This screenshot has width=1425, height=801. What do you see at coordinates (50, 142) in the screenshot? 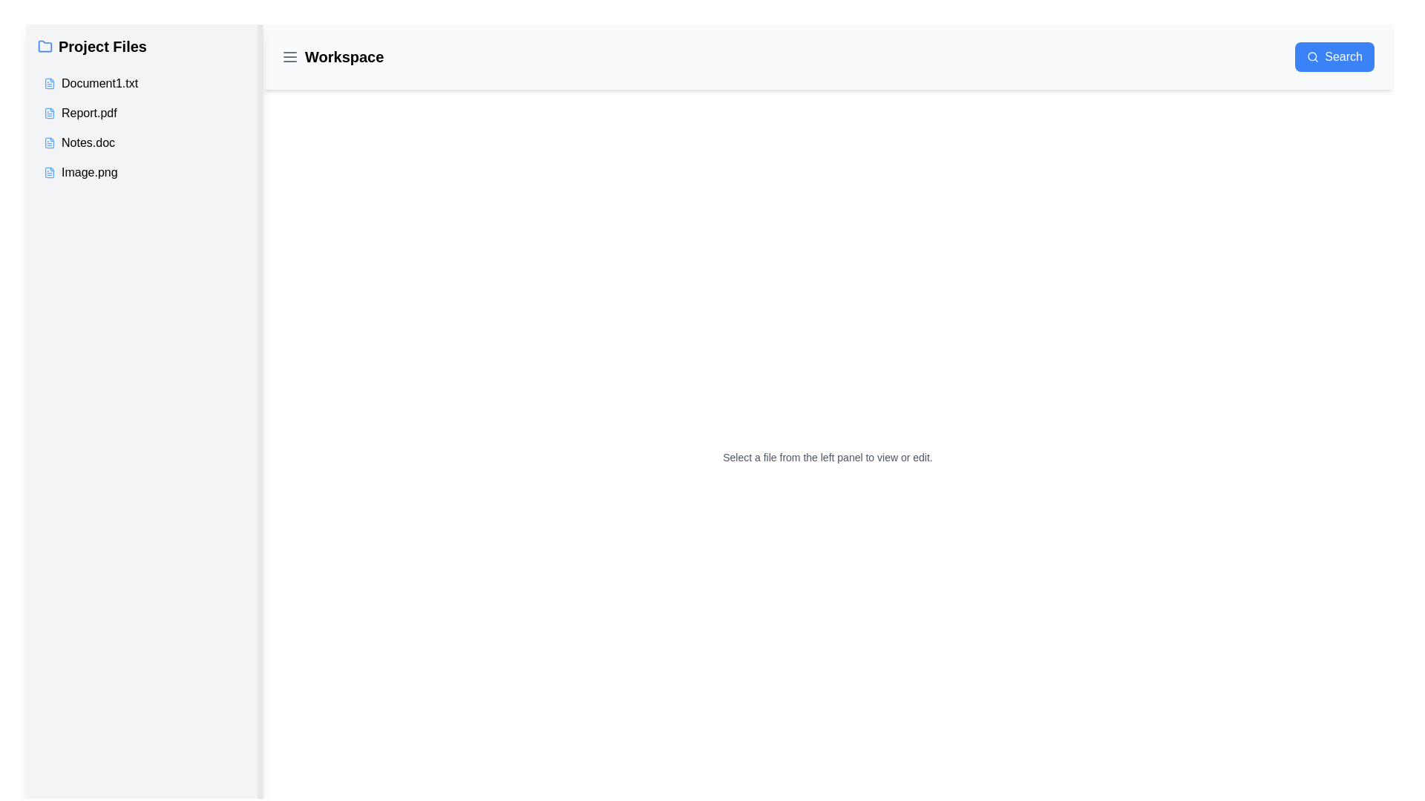
I see `the blue document icon representing the file 'Notes.doc' located` at bounding box center [50, 142].